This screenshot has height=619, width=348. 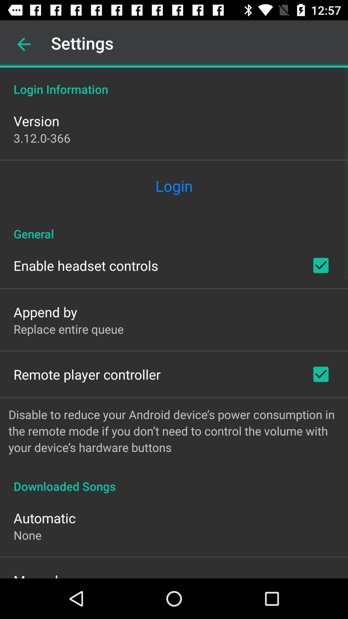 I want to click on item below downloaded songs, so click(x=44, y=518).